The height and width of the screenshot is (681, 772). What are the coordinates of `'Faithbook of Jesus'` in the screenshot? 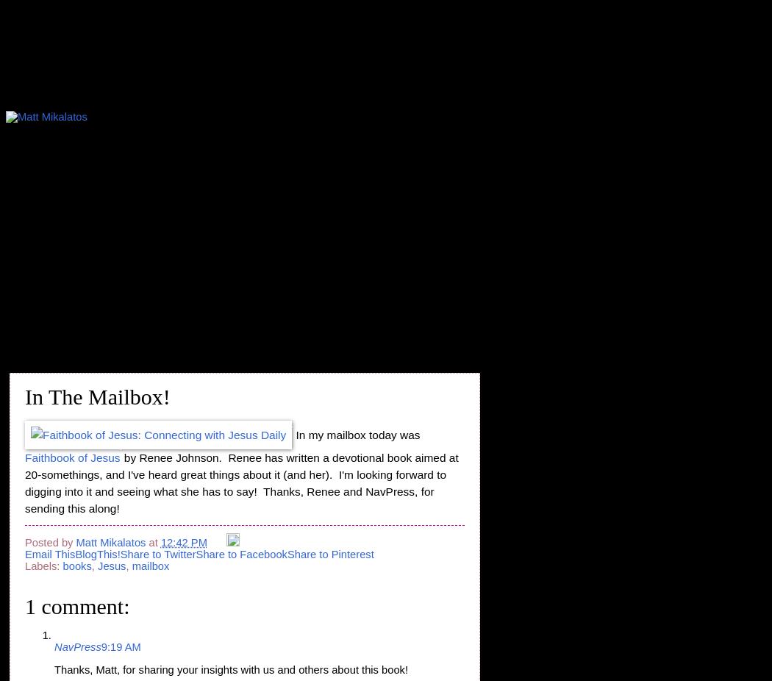 It's located at (25, 456).